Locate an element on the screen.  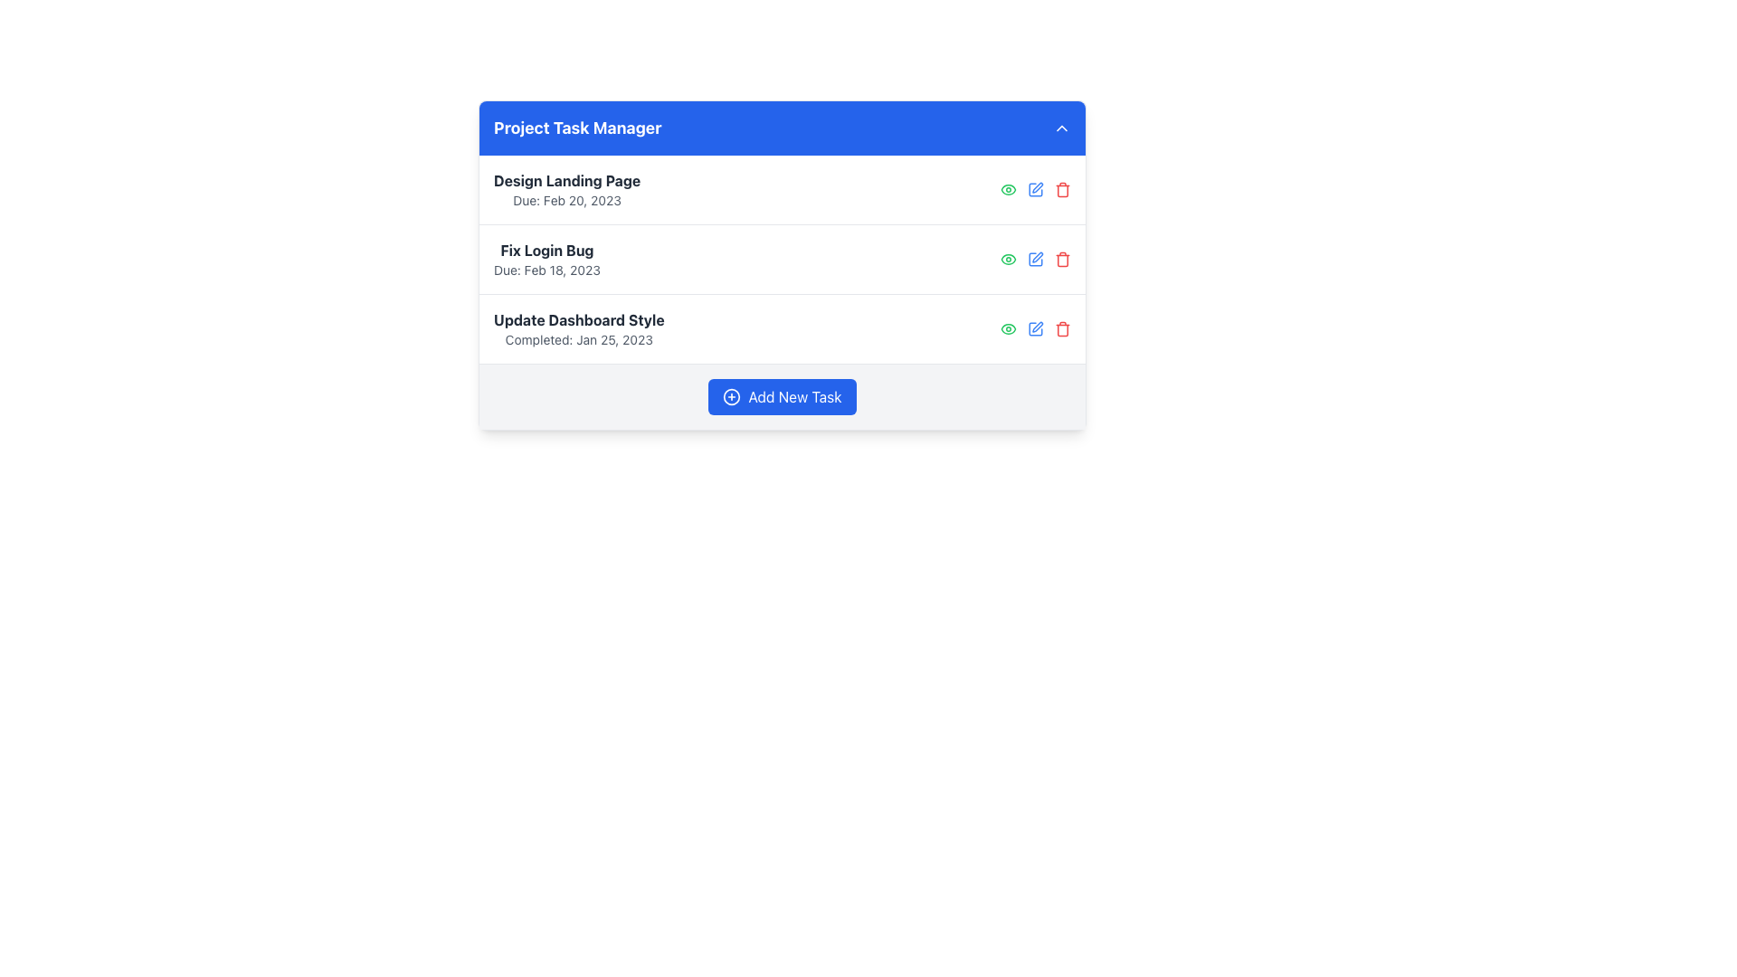
the delete button associated with the 'Fix Login Bug' task entry is located at coordinates (1063, 259).